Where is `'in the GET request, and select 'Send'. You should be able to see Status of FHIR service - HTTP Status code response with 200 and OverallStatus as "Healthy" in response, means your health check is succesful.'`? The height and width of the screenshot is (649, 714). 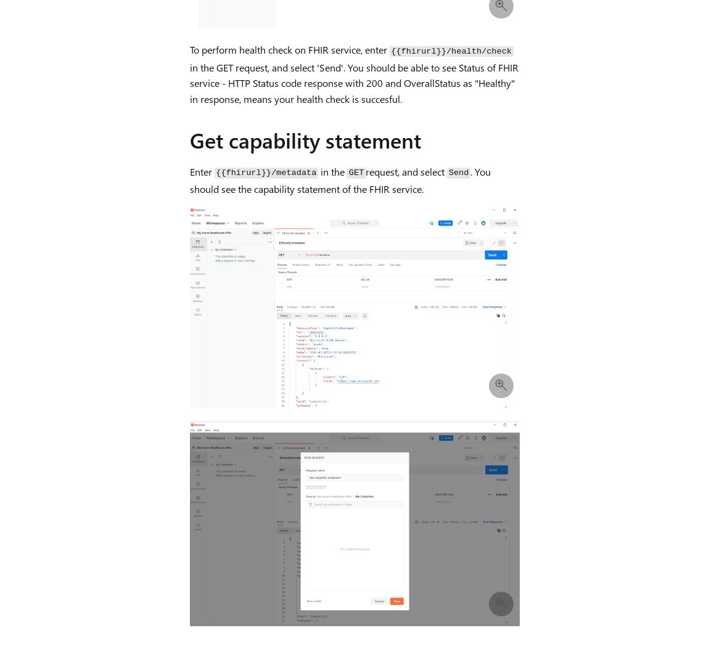 'in the GET request, and select 'Send'. You should be able to see Status of FHIR service - HTTP Status code response with 200 and OverallStatus as "Healthy" in response, means your health check is succesful.' is located at coordinates (353, 83).